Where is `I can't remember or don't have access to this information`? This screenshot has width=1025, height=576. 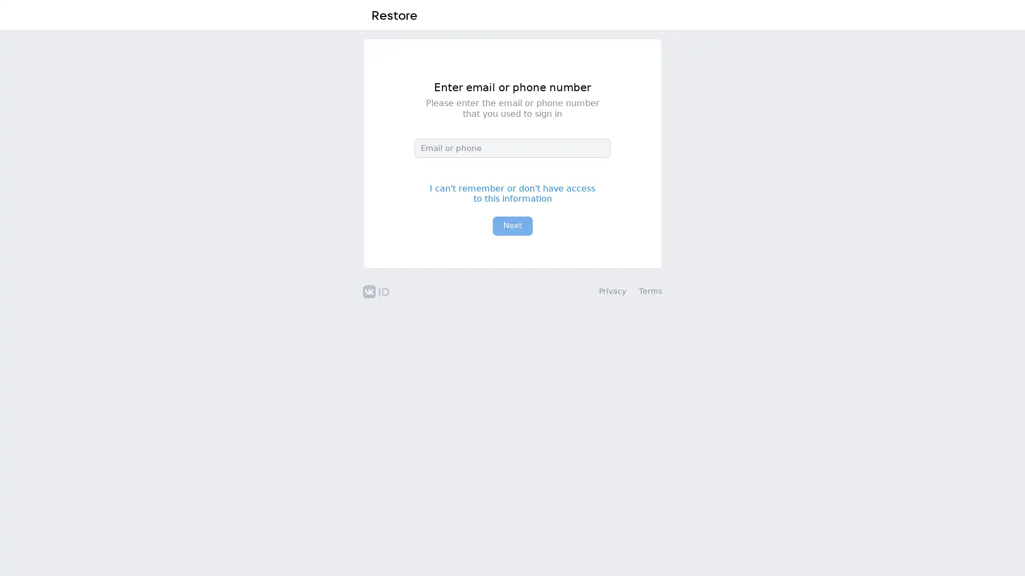 I can't remember or don't have access to this information is located at coordinates (512, 193).